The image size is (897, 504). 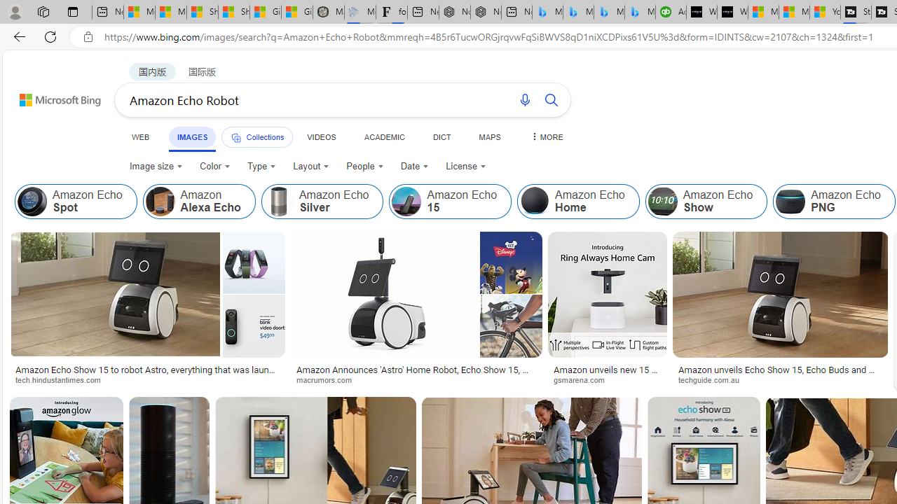 I want to click on 'Accounting Software for Accountants, CPAs and Bookkeepers', so click(x=670, y=12).